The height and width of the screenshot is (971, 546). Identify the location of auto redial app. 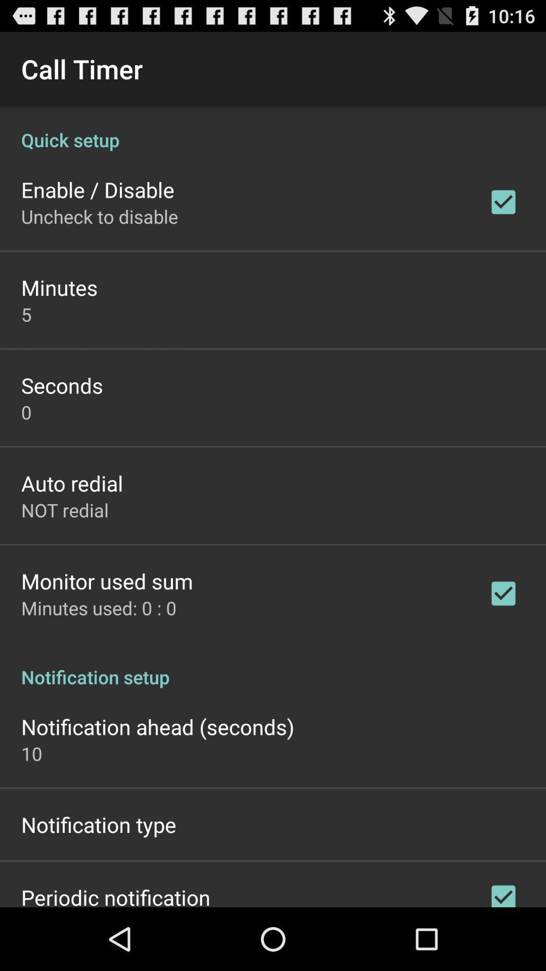
(71, 482).